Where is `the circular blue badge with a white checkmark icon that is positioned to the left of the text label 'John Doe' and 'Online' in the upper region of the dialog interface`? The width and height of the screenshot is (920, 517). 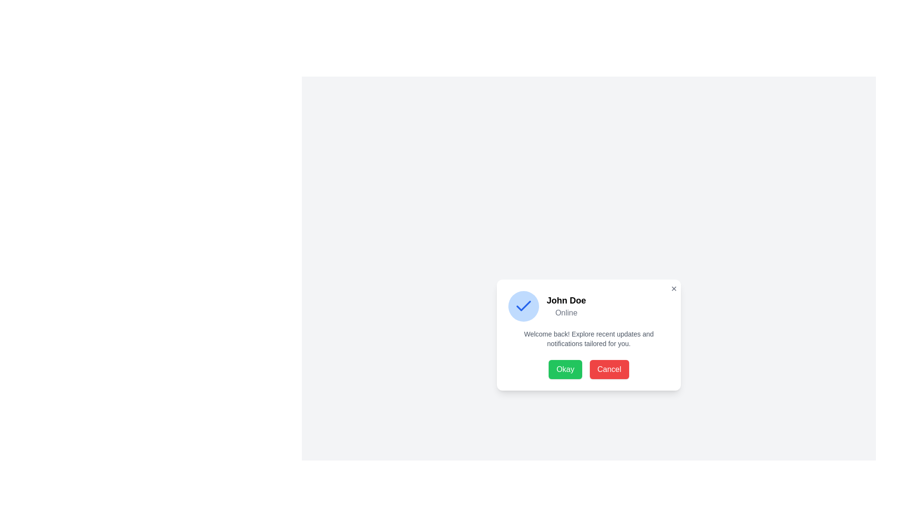
the circular blue badge with a white checkmark icon that is positioned to the left of the text label 'John Doe' and 'Online' in the upper region of the dialog interface is located at coordinates (523, 306).